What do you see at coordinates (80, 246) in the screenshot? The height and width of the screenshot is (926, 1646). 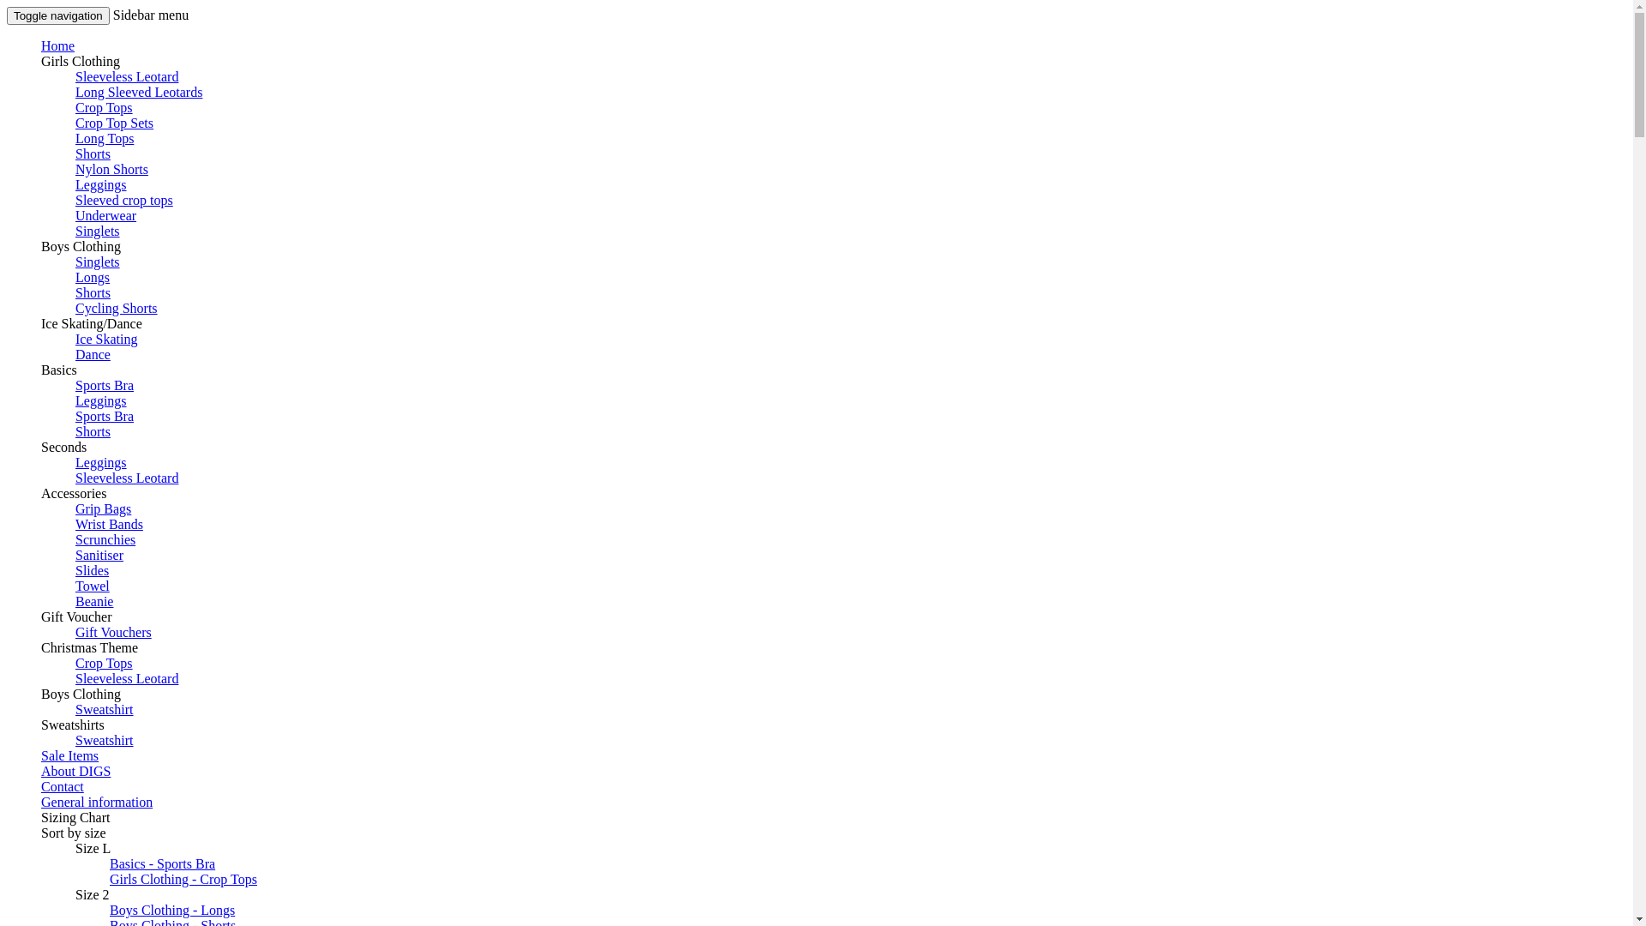 I see `'Boys Clothing'` at bounding box center [80, 246].